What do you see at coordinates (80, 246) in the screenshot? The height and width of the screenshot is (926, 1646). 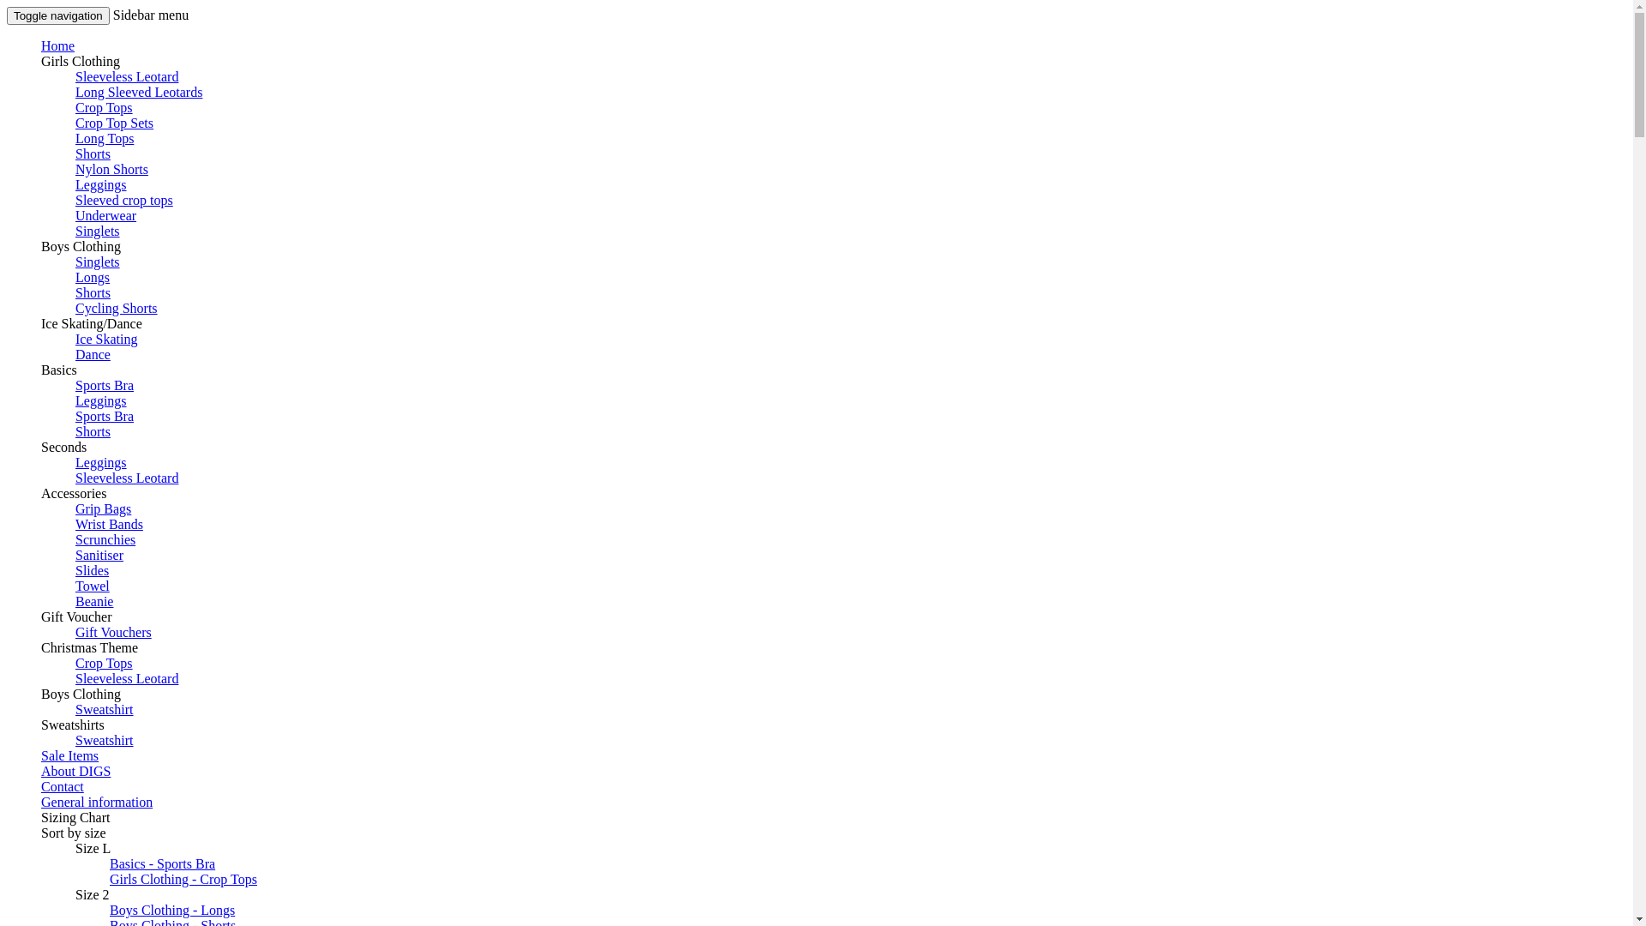 I see `'Boys Clothing'` at bounding box center [80, 246].